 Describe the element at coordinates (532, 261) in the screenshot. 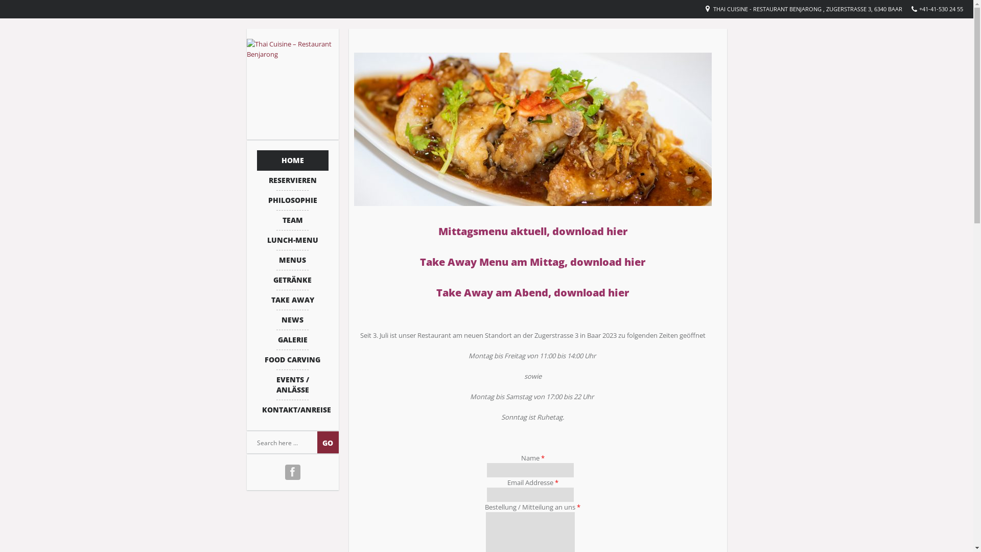

I see `'Take Away Menu am Mittag, download hier'` at that location.